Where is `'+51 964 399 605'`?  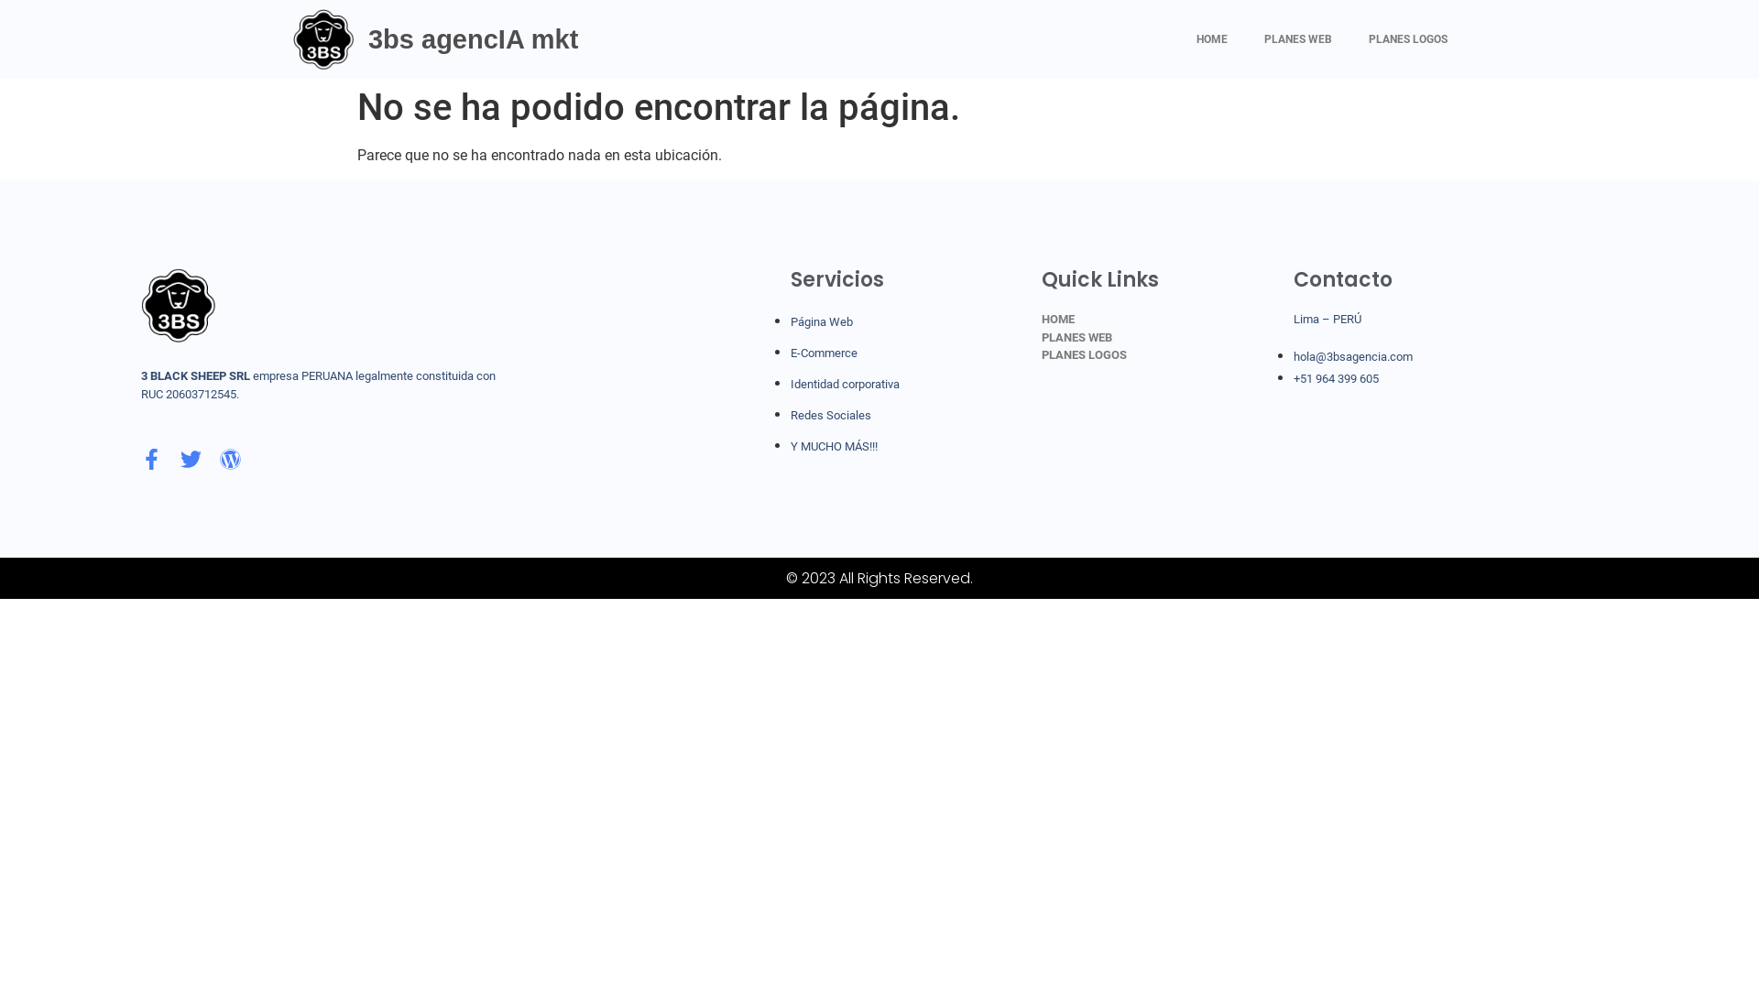
'+51 964 399 605' is located at coordinates (1336, 377).